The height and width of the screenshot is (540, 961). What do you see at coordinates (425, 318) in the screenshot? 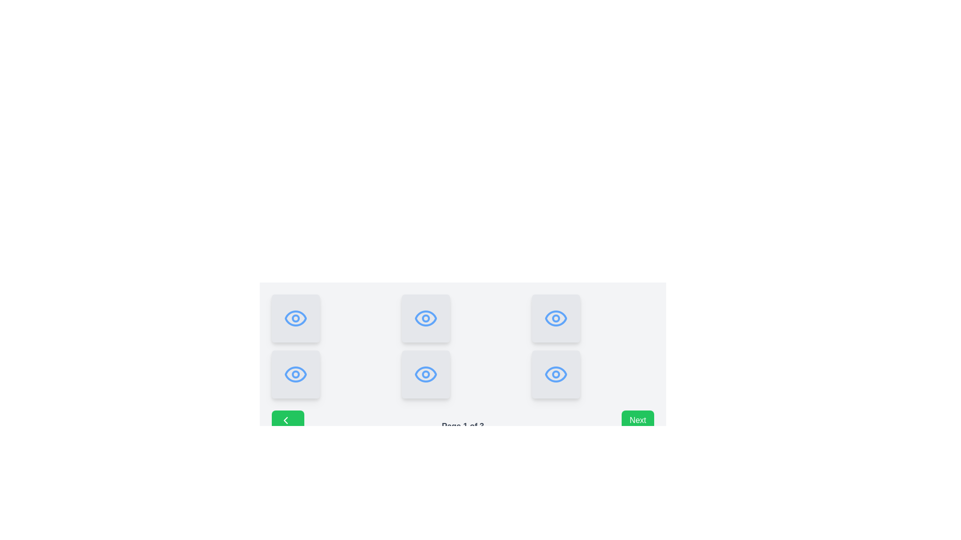
I see `the gray rounded-square button with a blue outlined eye icon, located in the second box of the top row in a three-row grid layout` at bounding box center [425, 318].